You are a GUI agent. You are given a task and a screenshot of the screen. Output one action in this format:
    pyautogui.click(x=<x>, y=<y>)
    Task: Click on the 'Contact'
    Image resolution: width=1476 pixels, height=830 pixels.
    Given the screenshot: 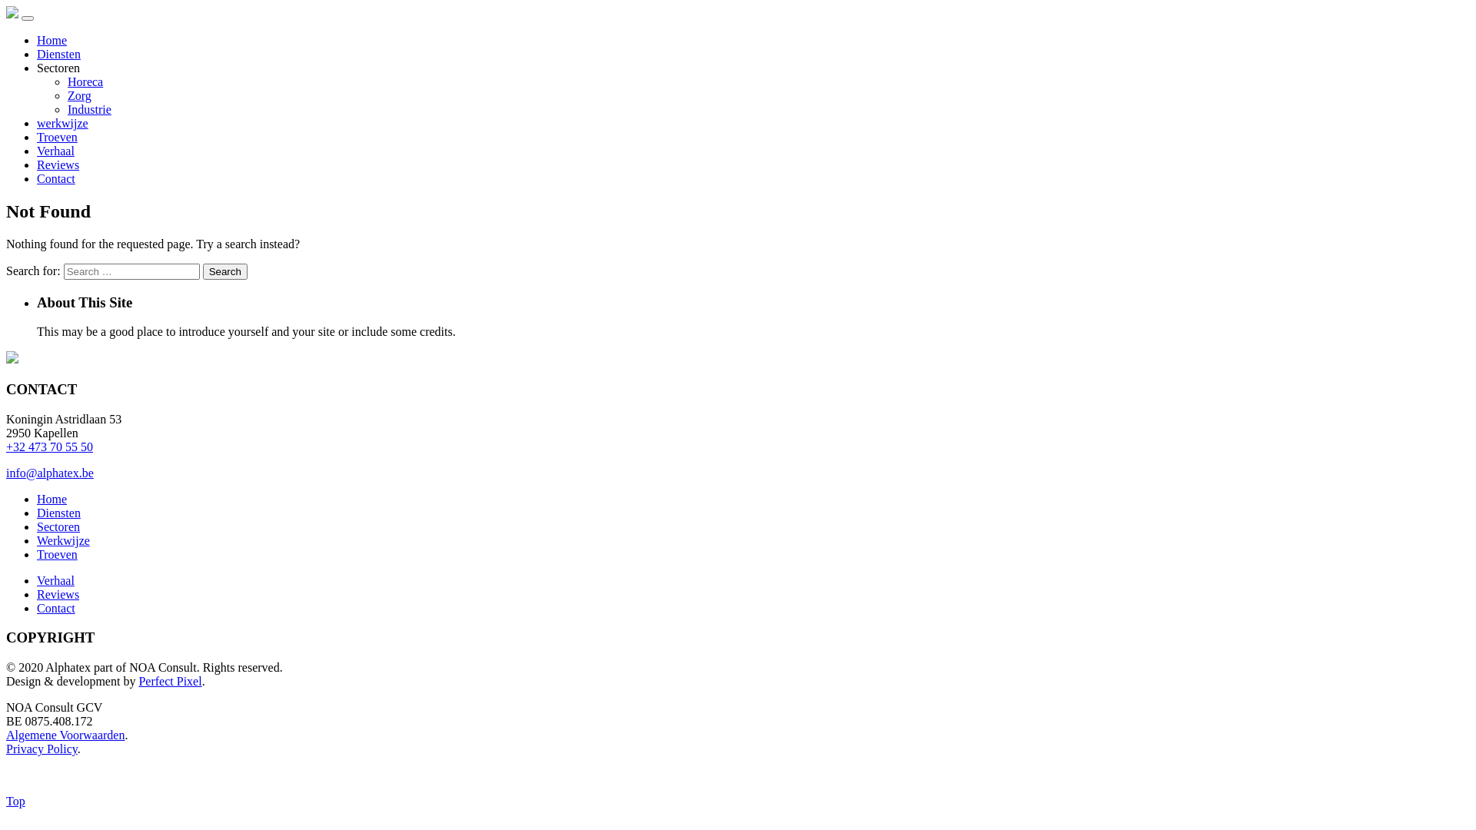 What is the action you would take?
    pyautogui.click(x=55, y=607)
    